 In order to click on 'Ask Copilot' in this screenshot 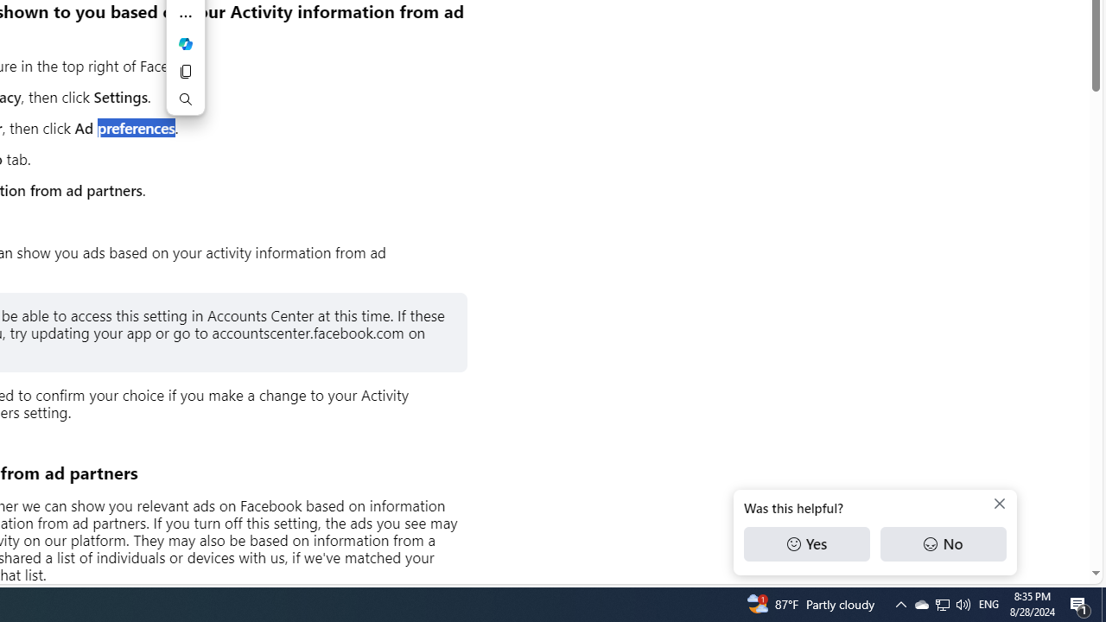, I will do `click(186, 43)`.